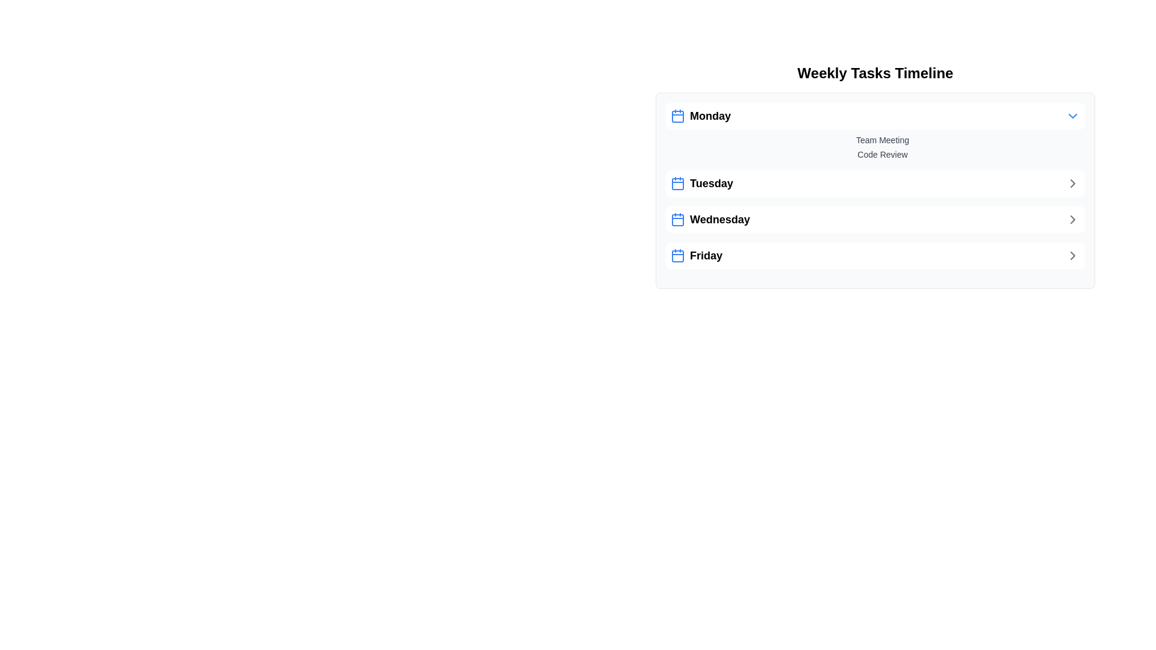 This screenshot has height=650, width=1156. Describe the element at coordinates (875, 116) in the screenshot. I see `the 'Monday' button with dropdown functionality` at that location.